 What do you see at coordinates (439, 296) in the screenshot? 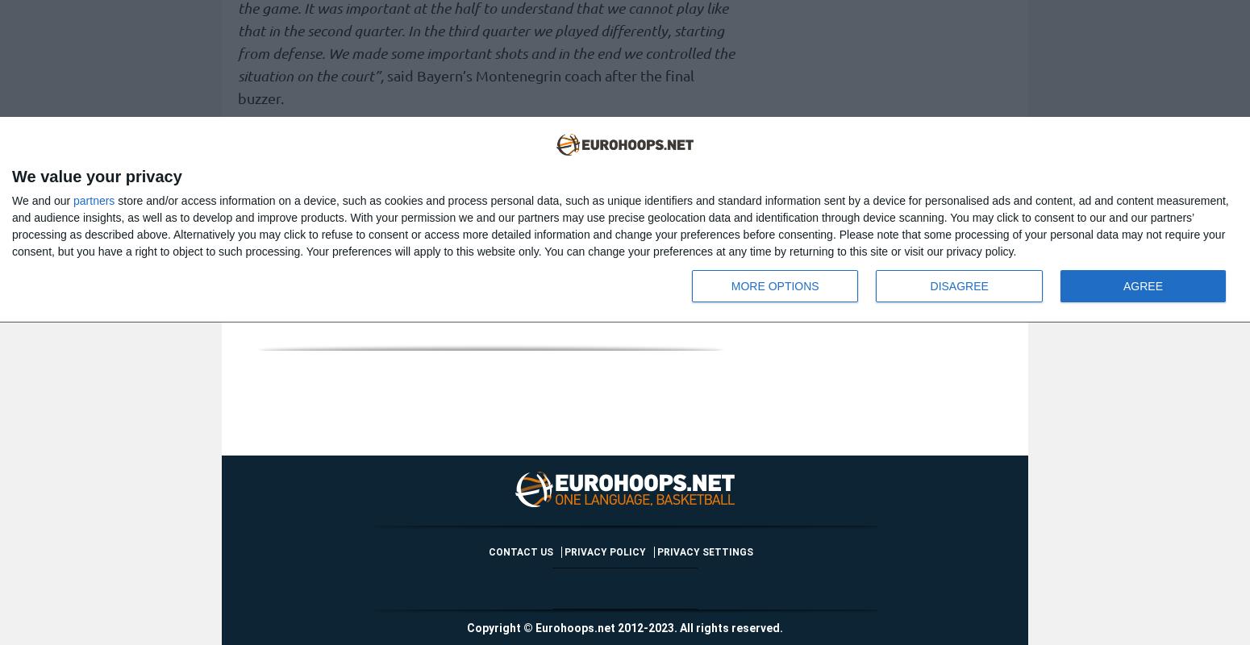
I see `'Buducnost'` at bounding box center [439, 296].